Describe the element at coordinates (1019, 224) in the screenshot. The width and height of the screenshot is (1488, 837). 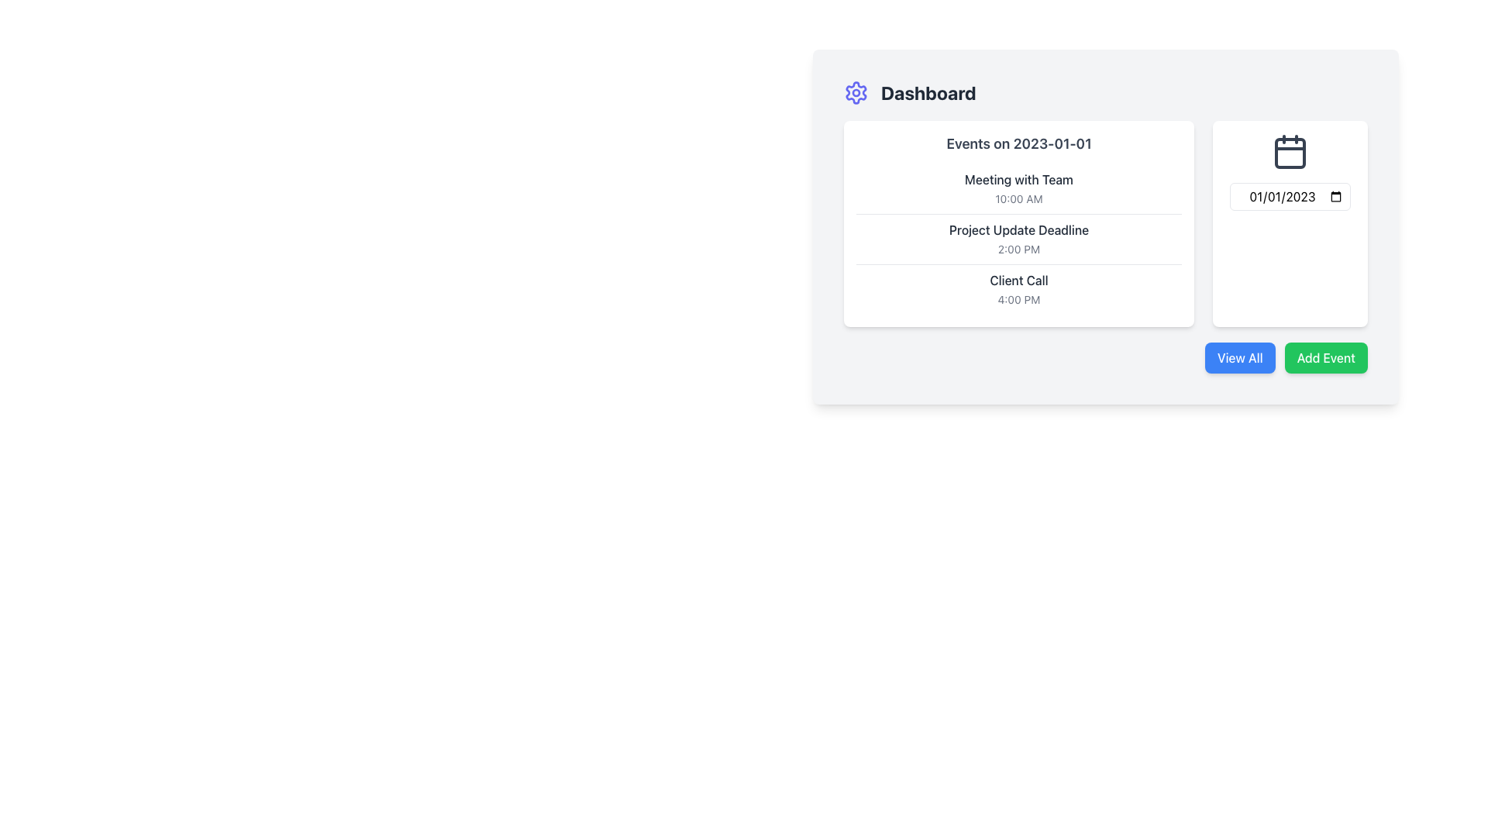
I see `the Information Panel displaying 'Events on 2023-01-01', which is a white, rounded rectangle located at the center of the content area` at that location.